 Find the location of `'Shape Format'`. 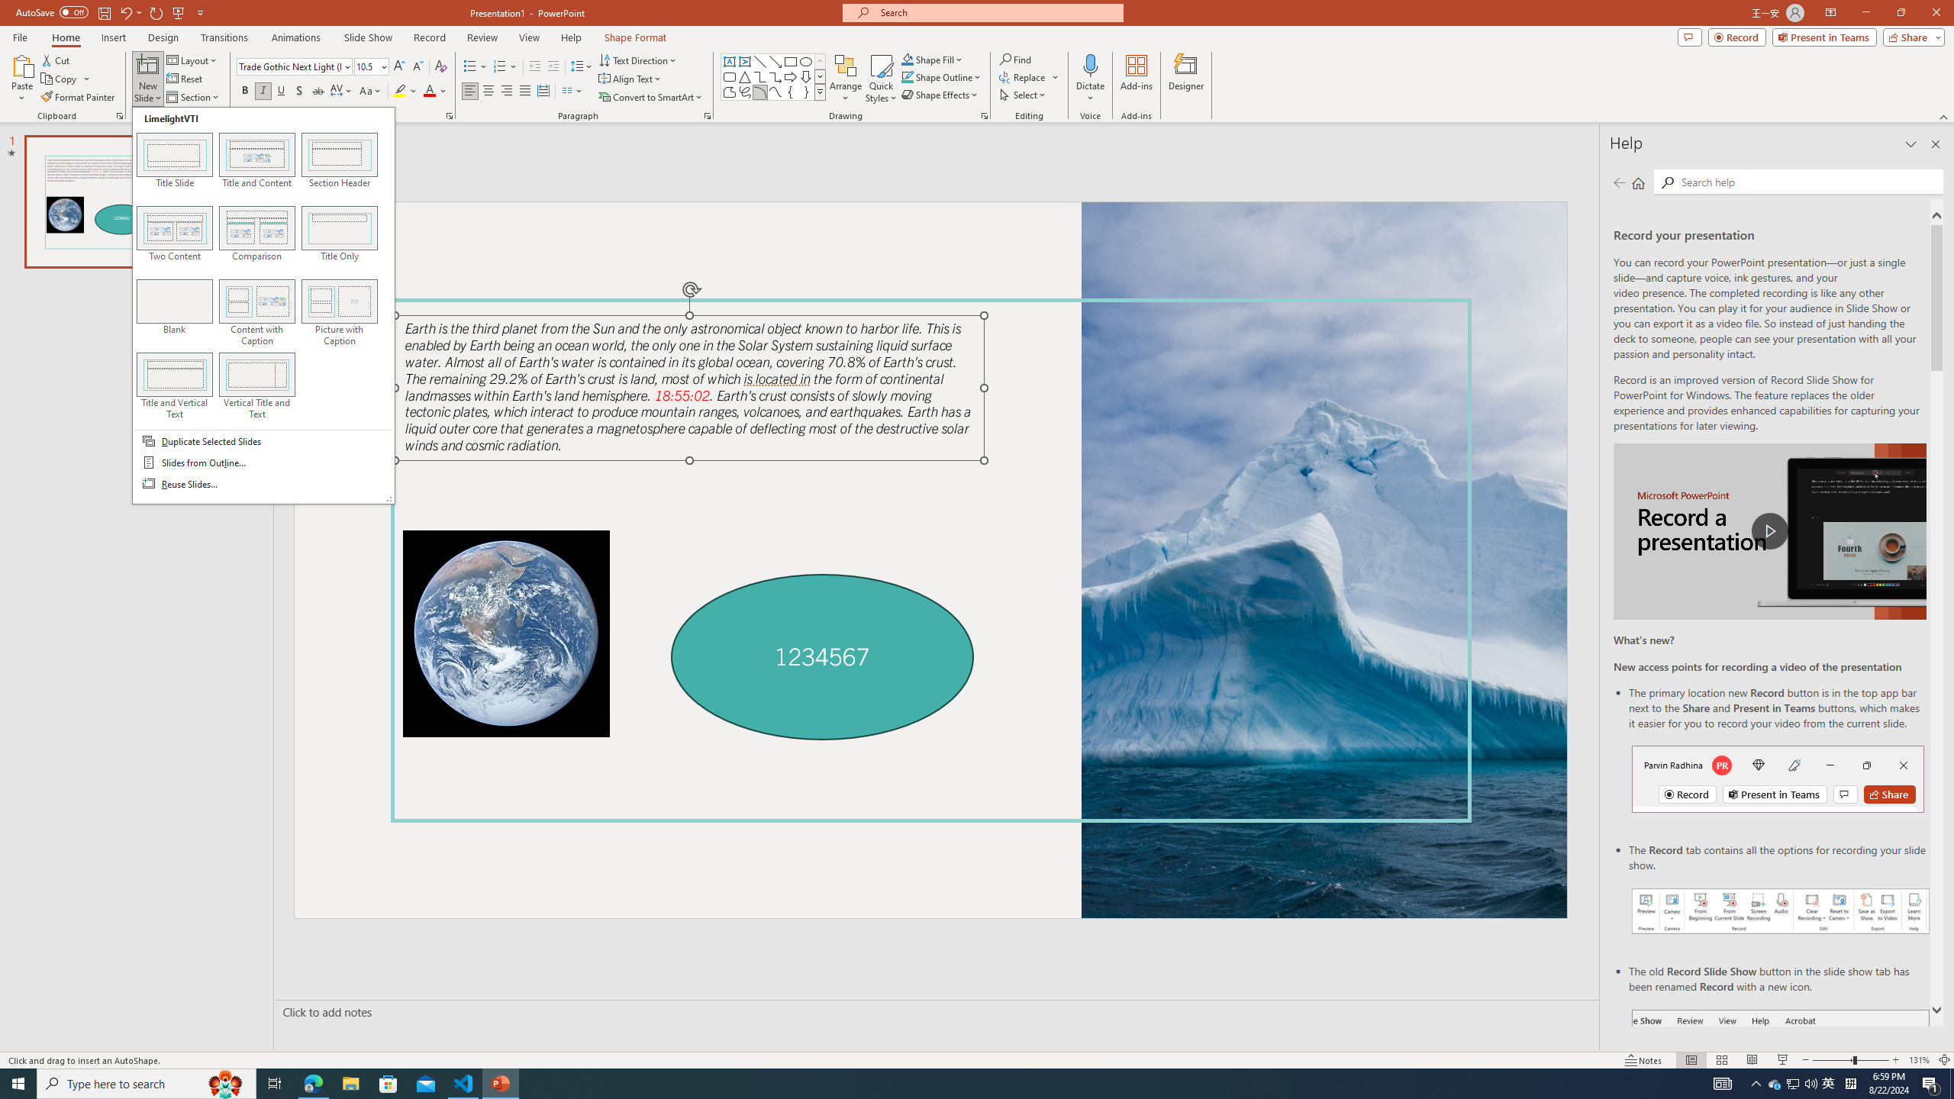

'Shape Format' is located at coordinates (635, 37).